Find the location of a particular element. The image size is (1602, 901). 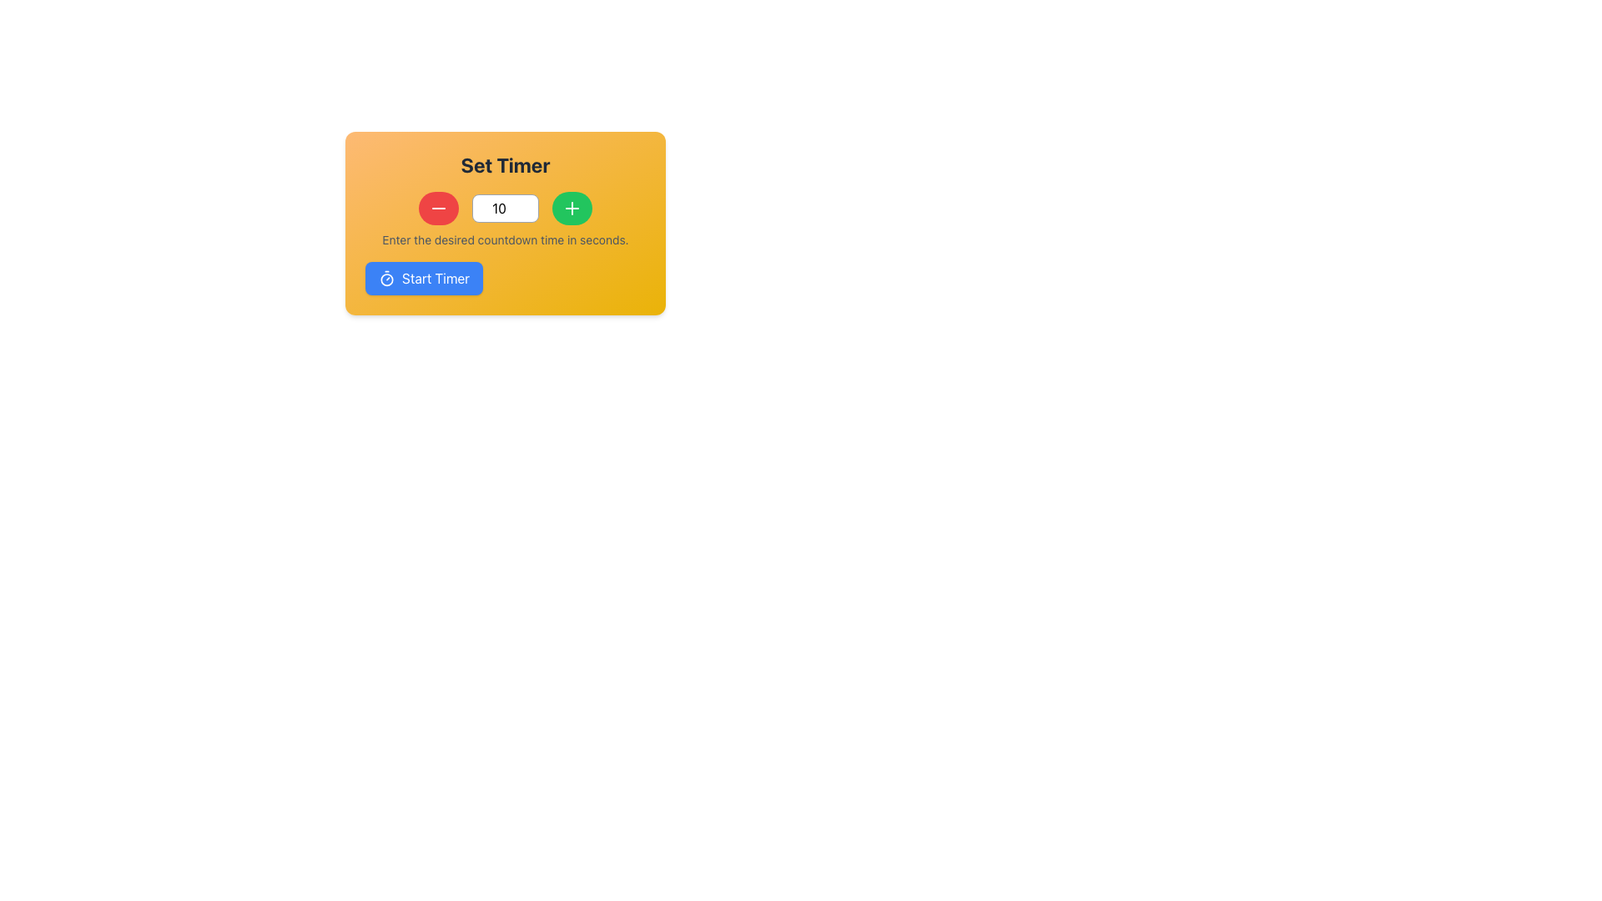

the Circular SVG element, which is a small circle with a radius of 8 units, located within the 'Start Timer' button's timer icon is located at coordinates (386, 279).